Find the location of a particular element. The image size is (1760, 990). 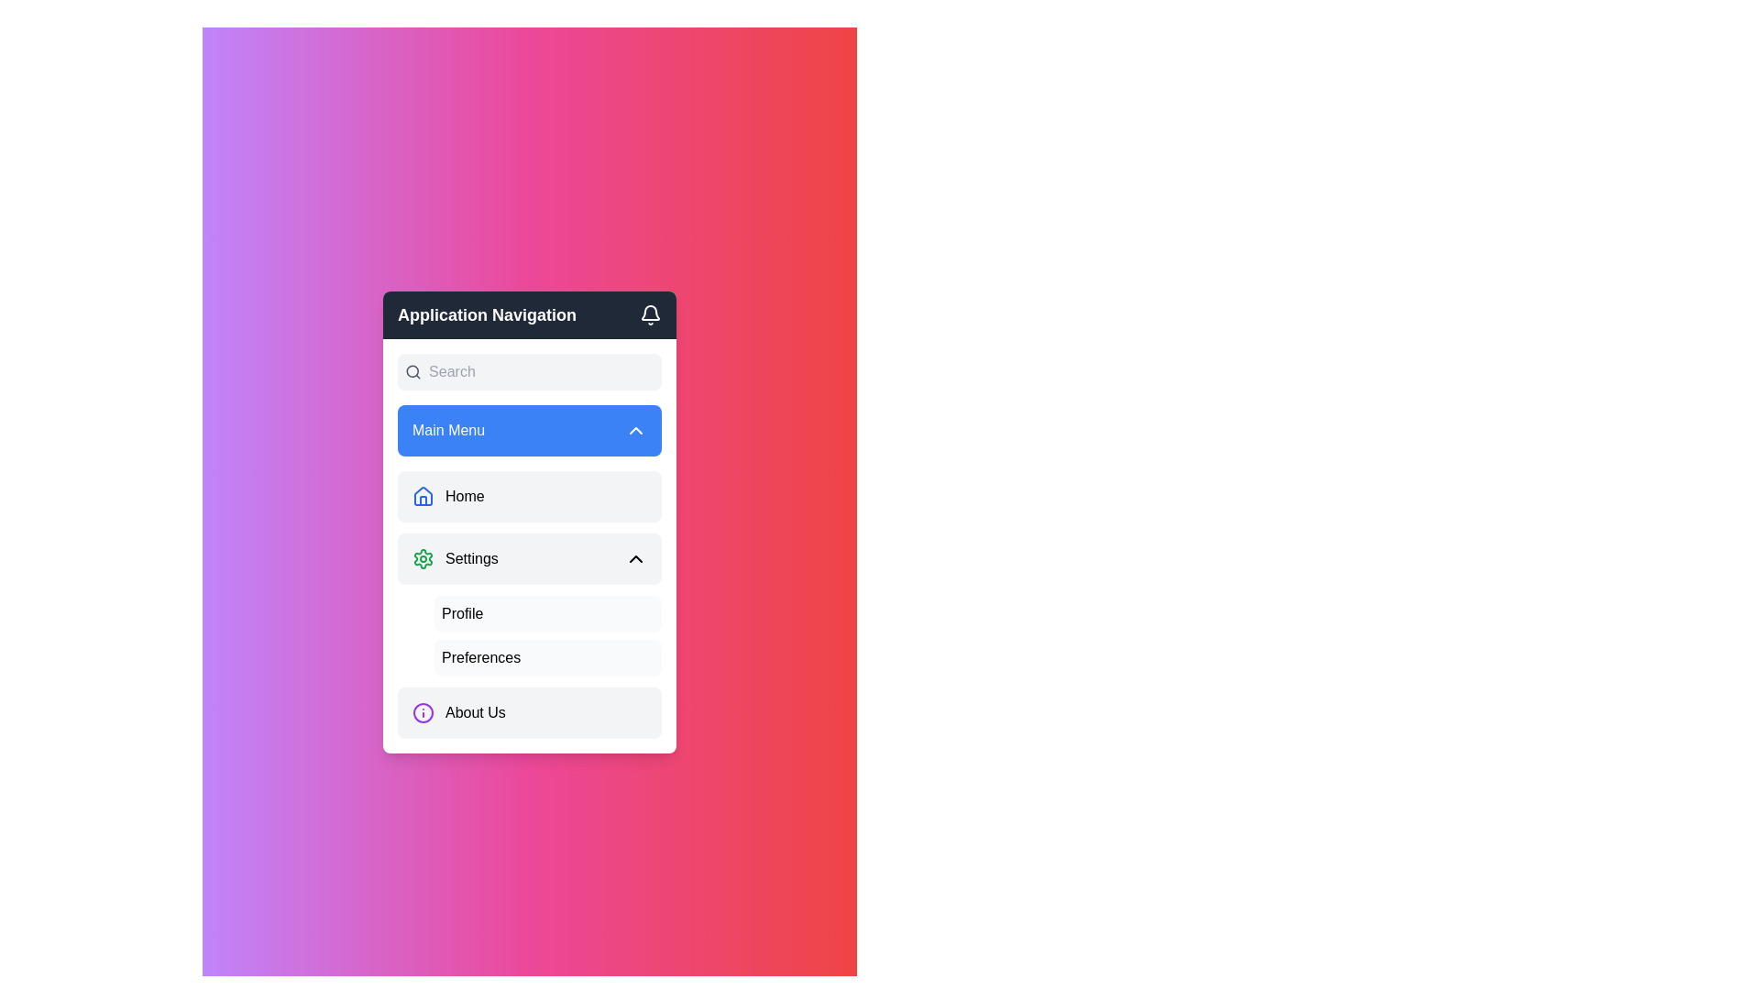

the 'Preferences' button is located at coordinates (547, 656).